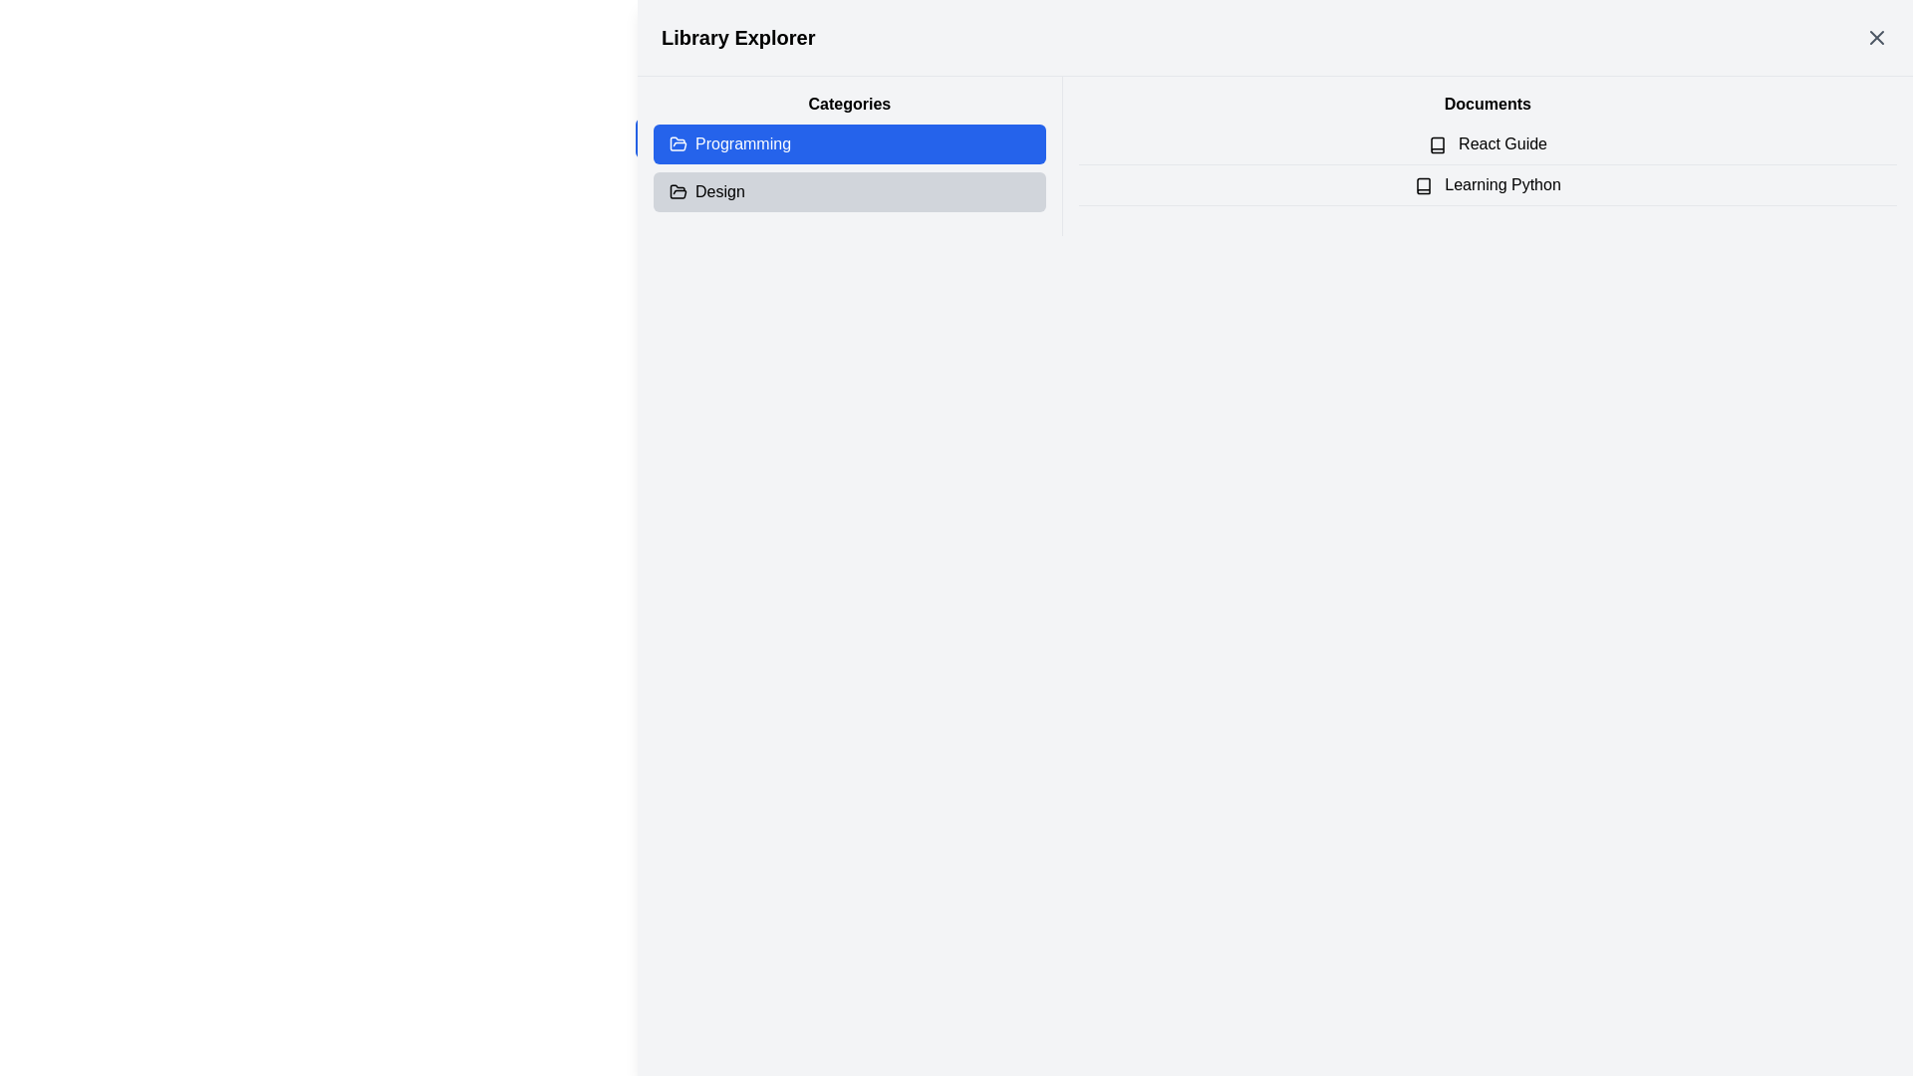 The height and width of the screenshot is (1076, 1913). I want to click on the book icon representing the React Guide document located in the Documents section near the text 'React Guide', so click(1437, 143).